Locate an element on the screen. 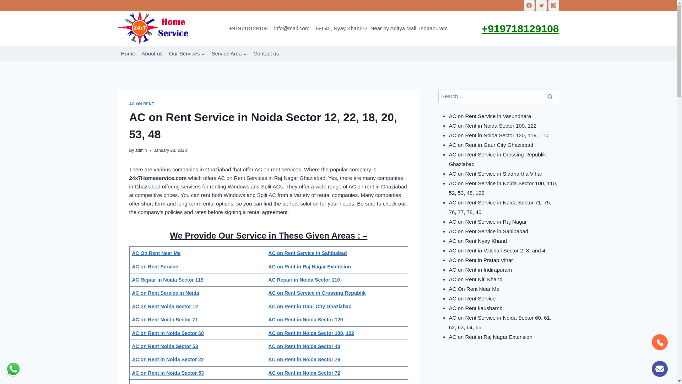  'AC On Rent Near Me' is located at coordinates (448, 289).